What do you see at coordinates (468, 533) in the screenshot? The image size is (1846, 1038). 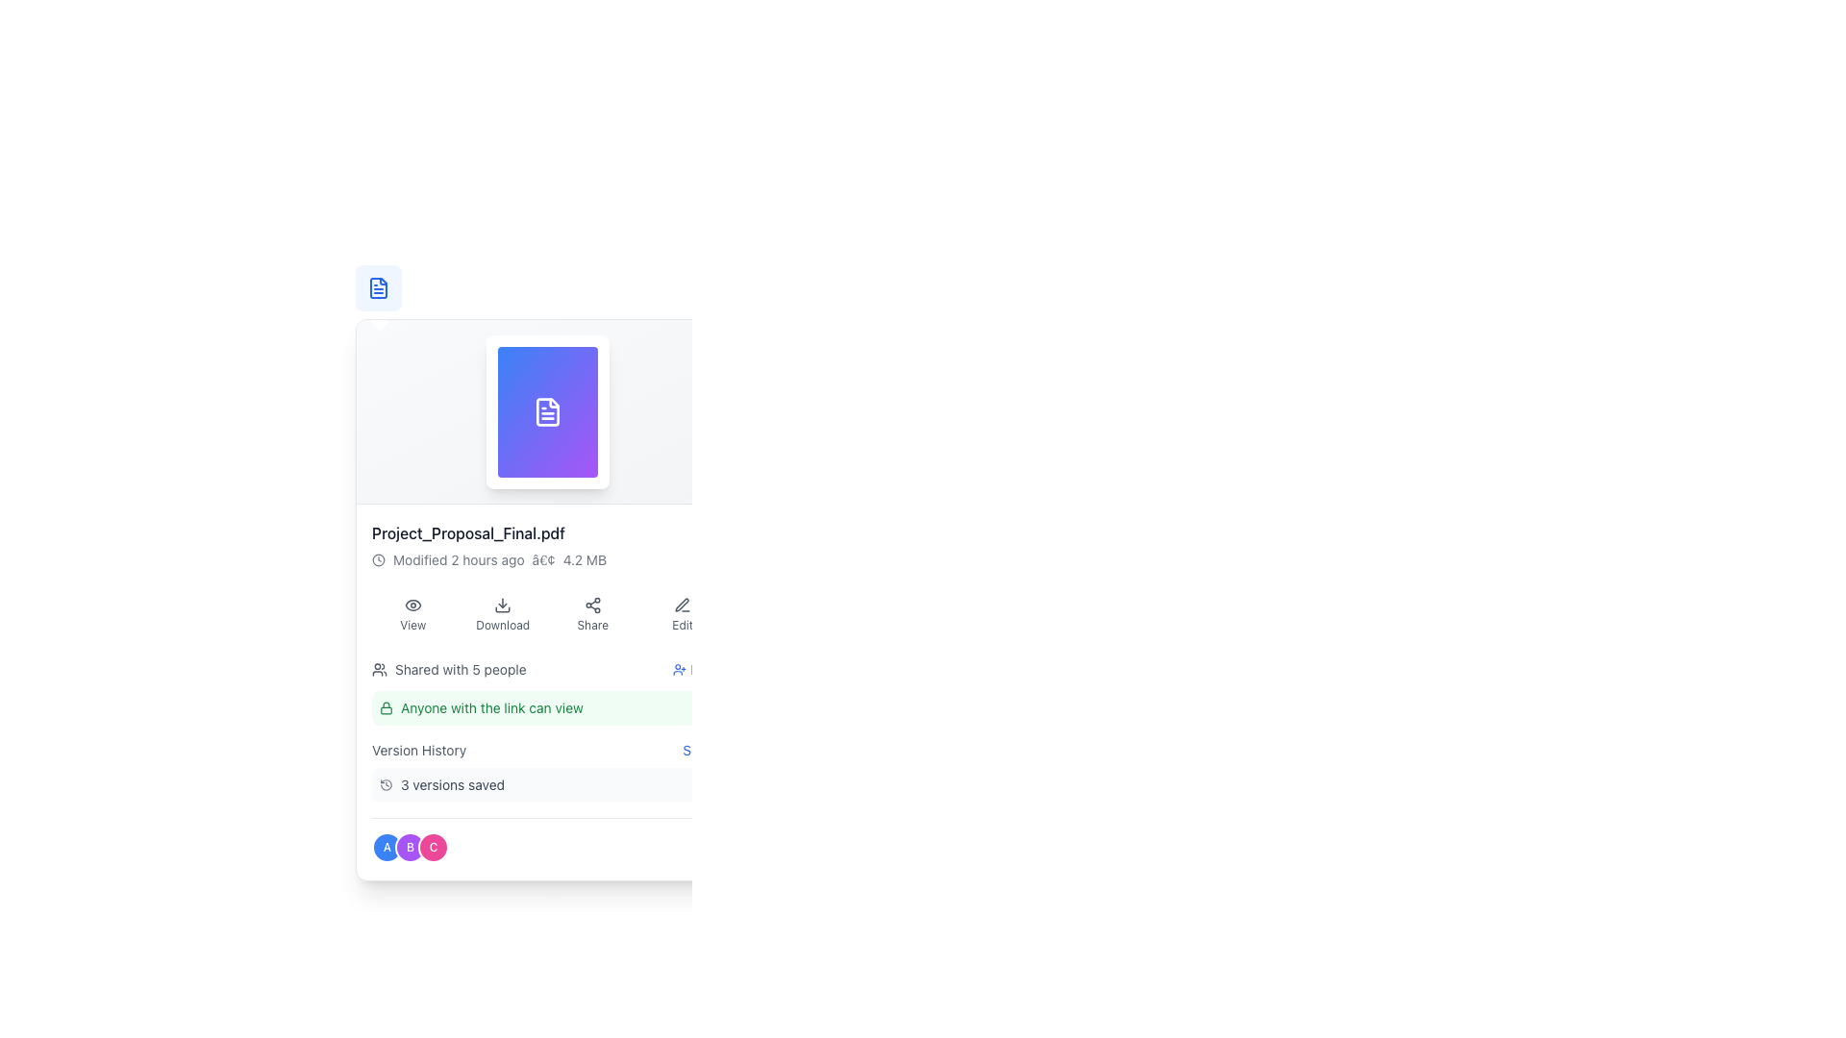 I see `the text label displaying the file name 'Project_Proposal_Final.pdf', which is styled in bold and dark gray color, positioned prominently below the file preview` at bounding box center [468, 533].